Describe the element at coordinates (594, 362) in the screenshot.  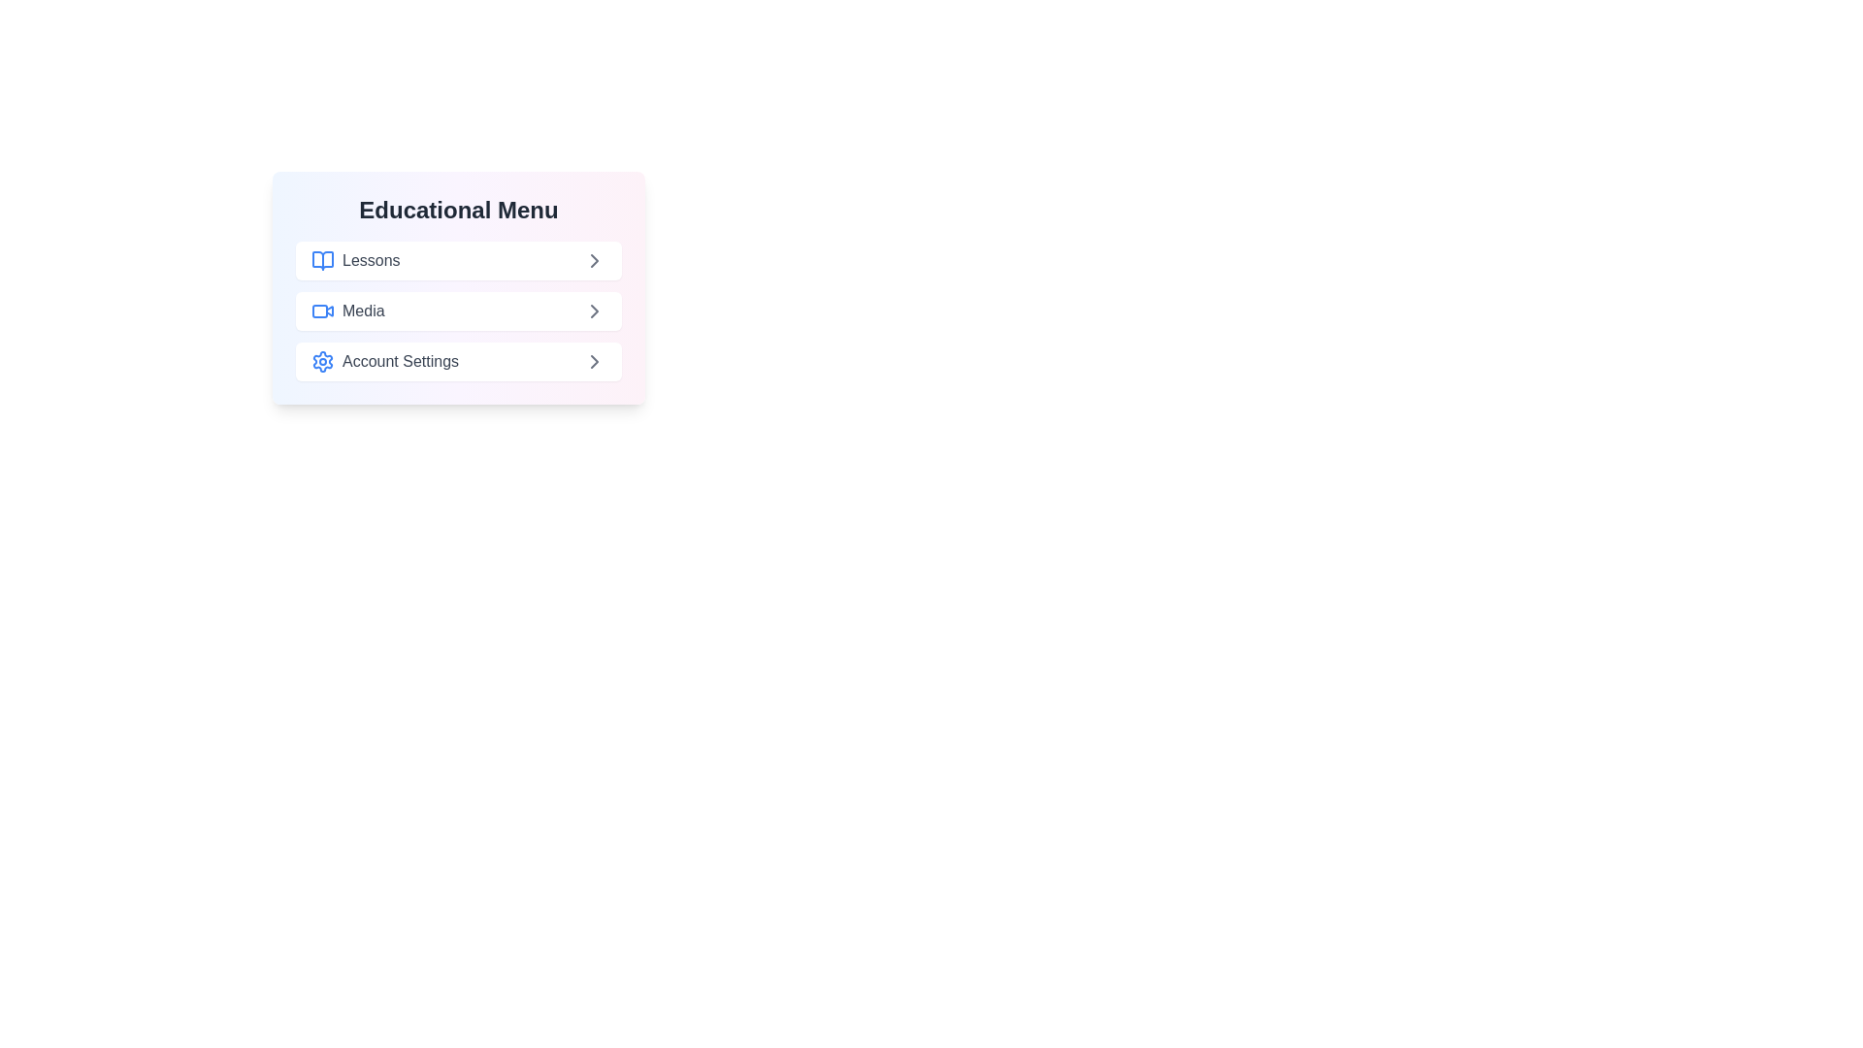
I see `the chevron arrow icon located at the far-right end of the 'Account Settings' menu item in the 'Educational Menu', which is the third item from the top` at that location.